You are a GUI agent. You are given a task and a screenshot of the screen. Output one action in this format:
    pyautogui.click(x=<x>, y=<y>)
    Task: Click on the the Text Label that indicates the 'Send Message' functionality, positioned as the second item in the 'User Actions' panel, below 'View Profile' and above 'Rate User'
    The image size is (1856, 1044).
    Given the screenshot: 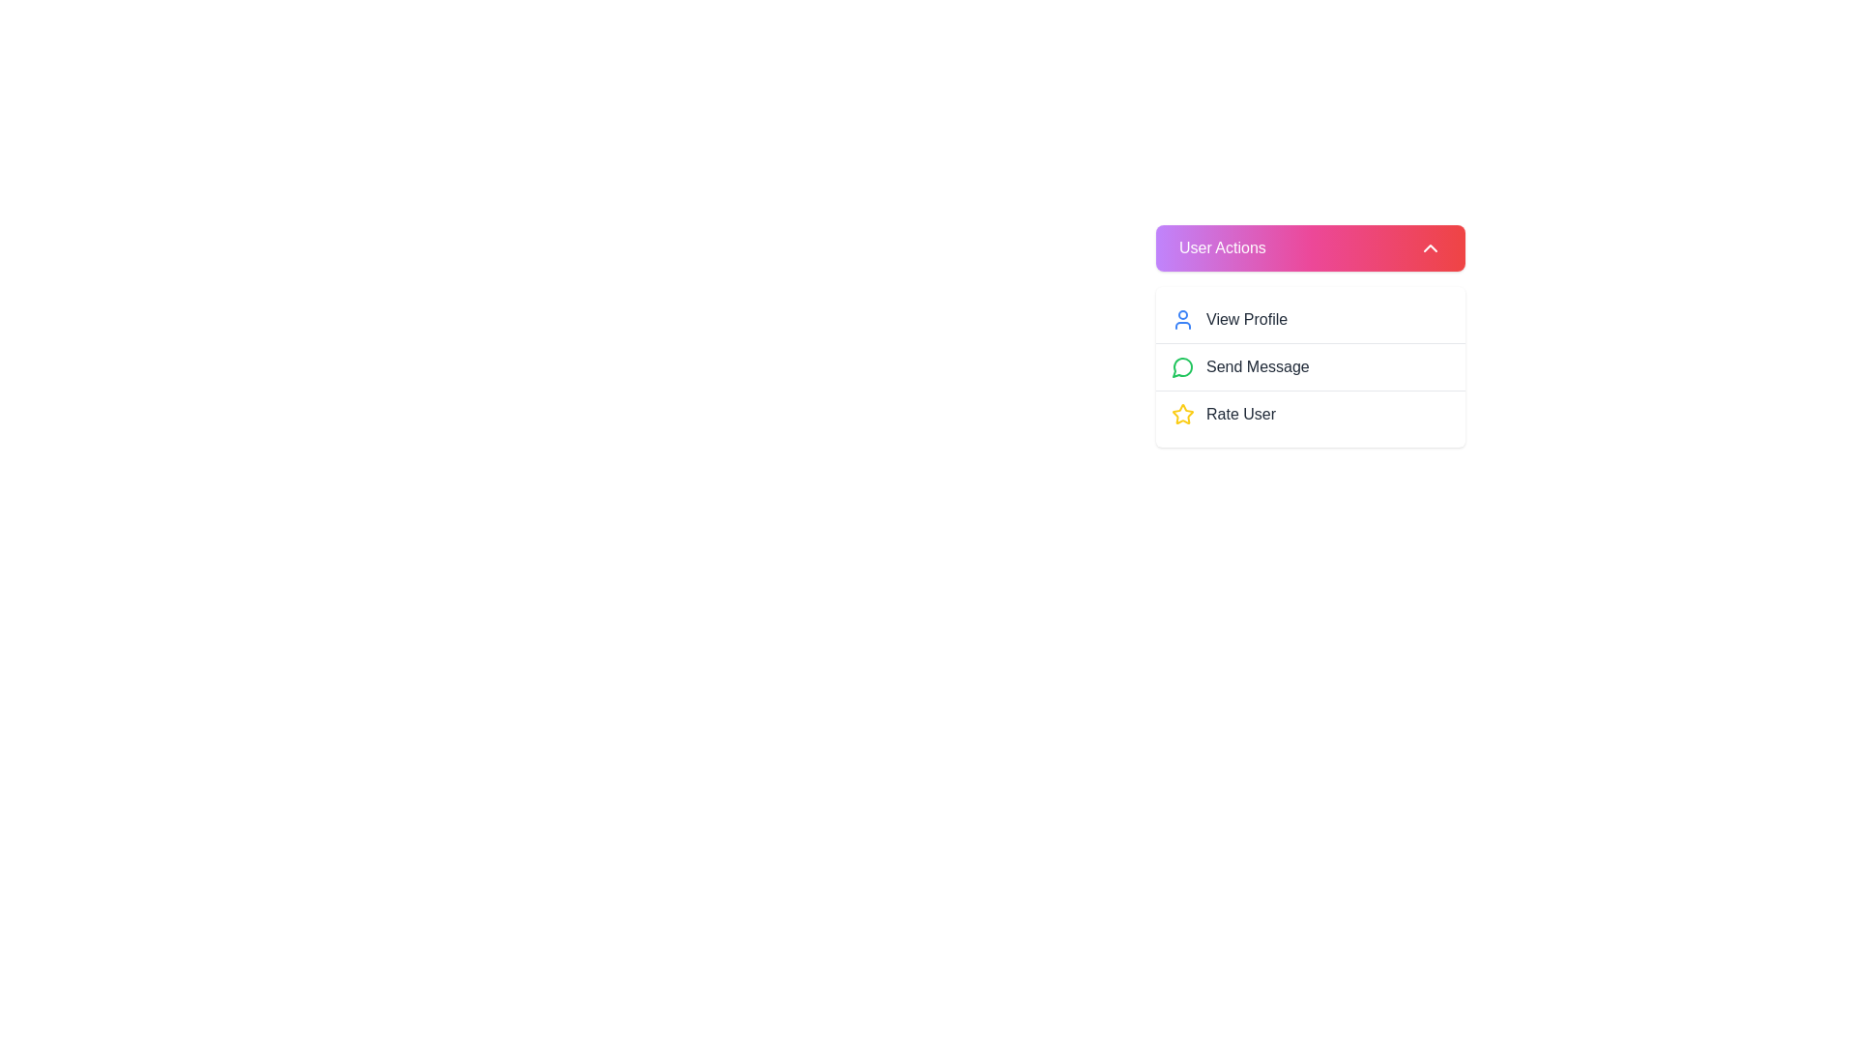 What is the action you would take?
    pyautogui.click(x=1258, y=367)
    